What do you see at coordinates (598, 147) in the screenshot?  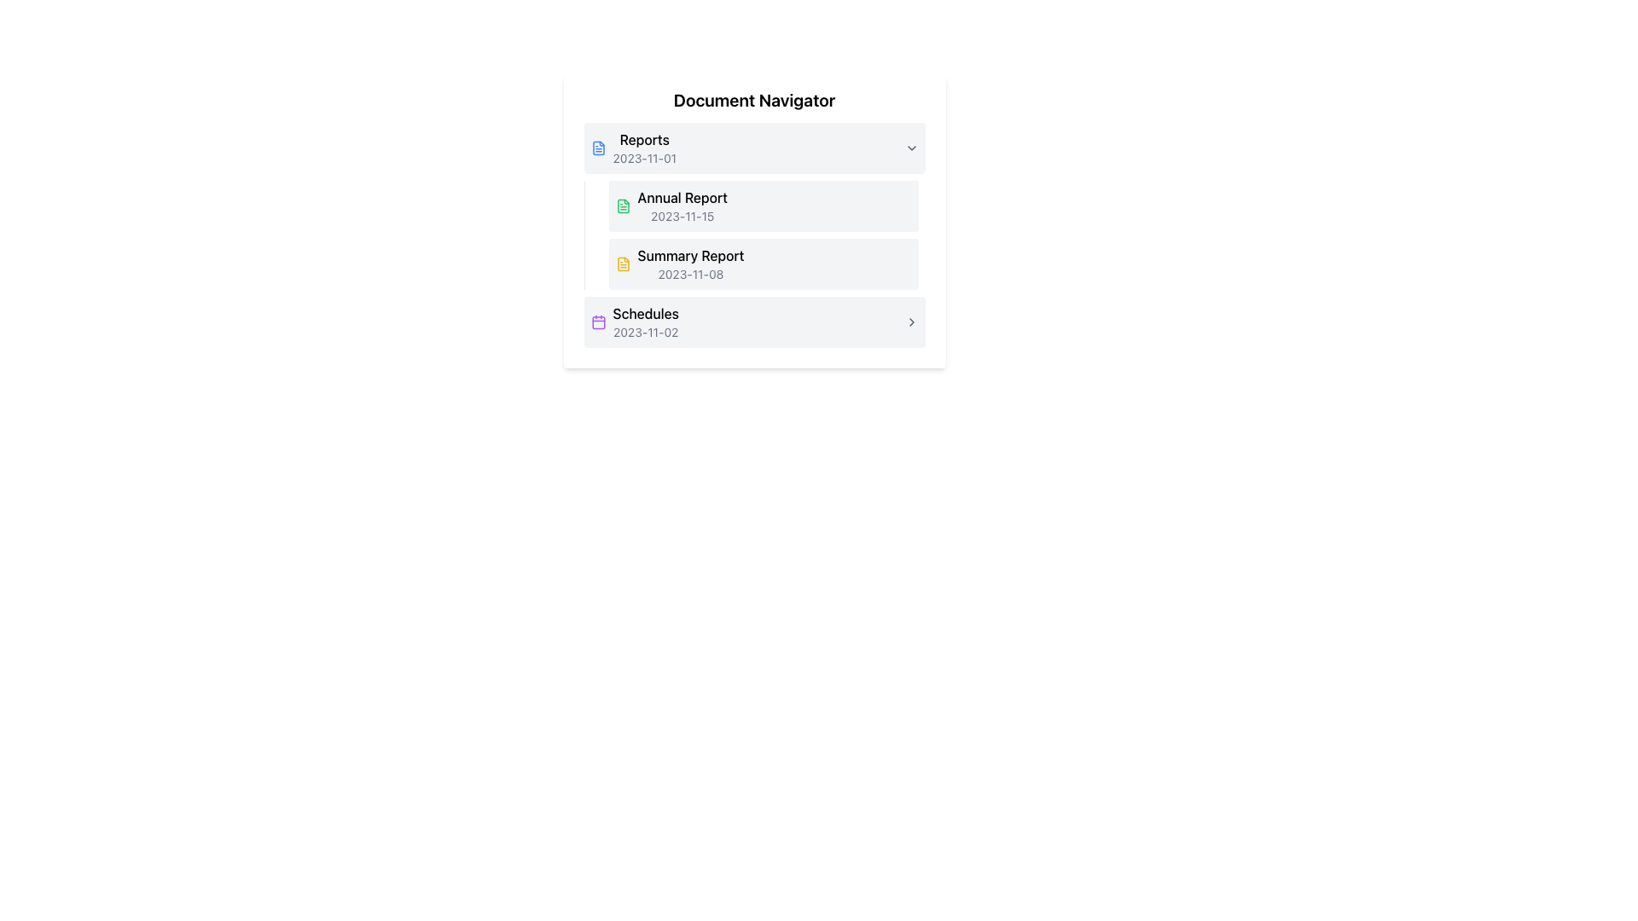 I see `the Vector Graphic Element representing a document, located to the left of the 'Reports' label in the 'Document Navigator' interface` at bounding box center [598, 147].